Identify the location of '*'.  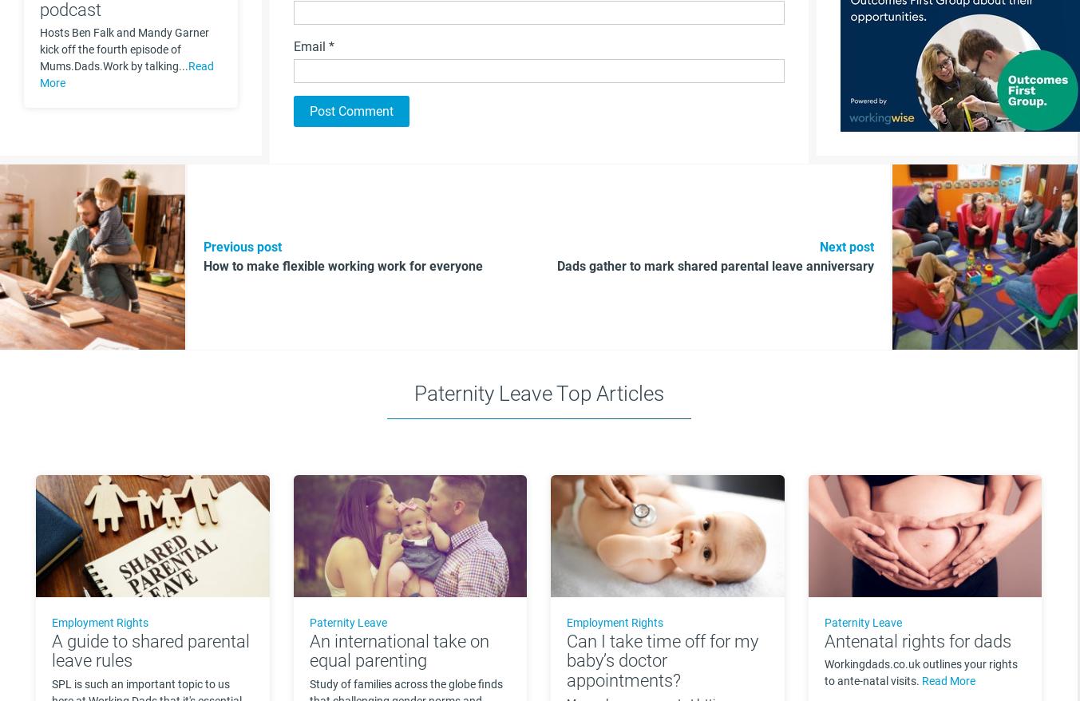
(330, 46).